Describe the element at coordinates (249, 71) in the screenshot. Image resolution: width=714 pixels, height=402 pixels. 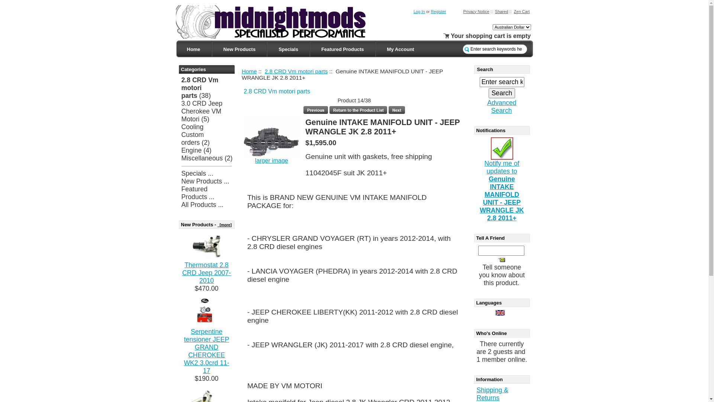
I see `'Home'` at that location.